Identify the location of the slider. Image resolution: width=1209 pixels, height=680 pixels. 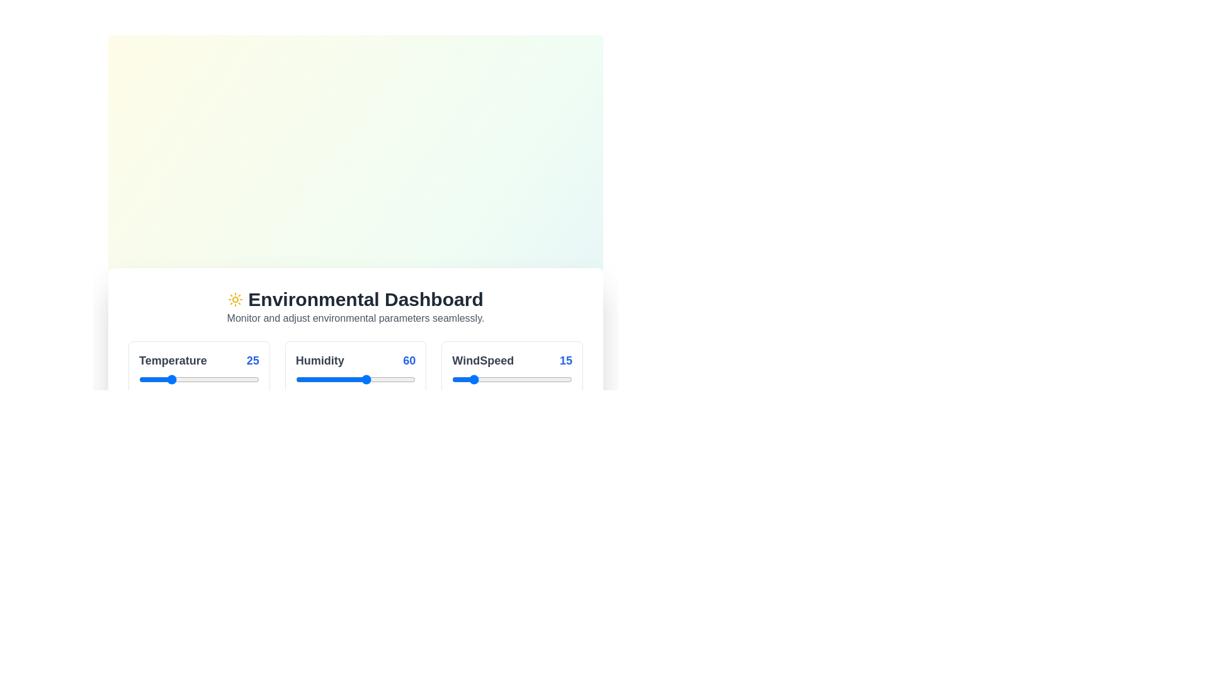
(155, 378).